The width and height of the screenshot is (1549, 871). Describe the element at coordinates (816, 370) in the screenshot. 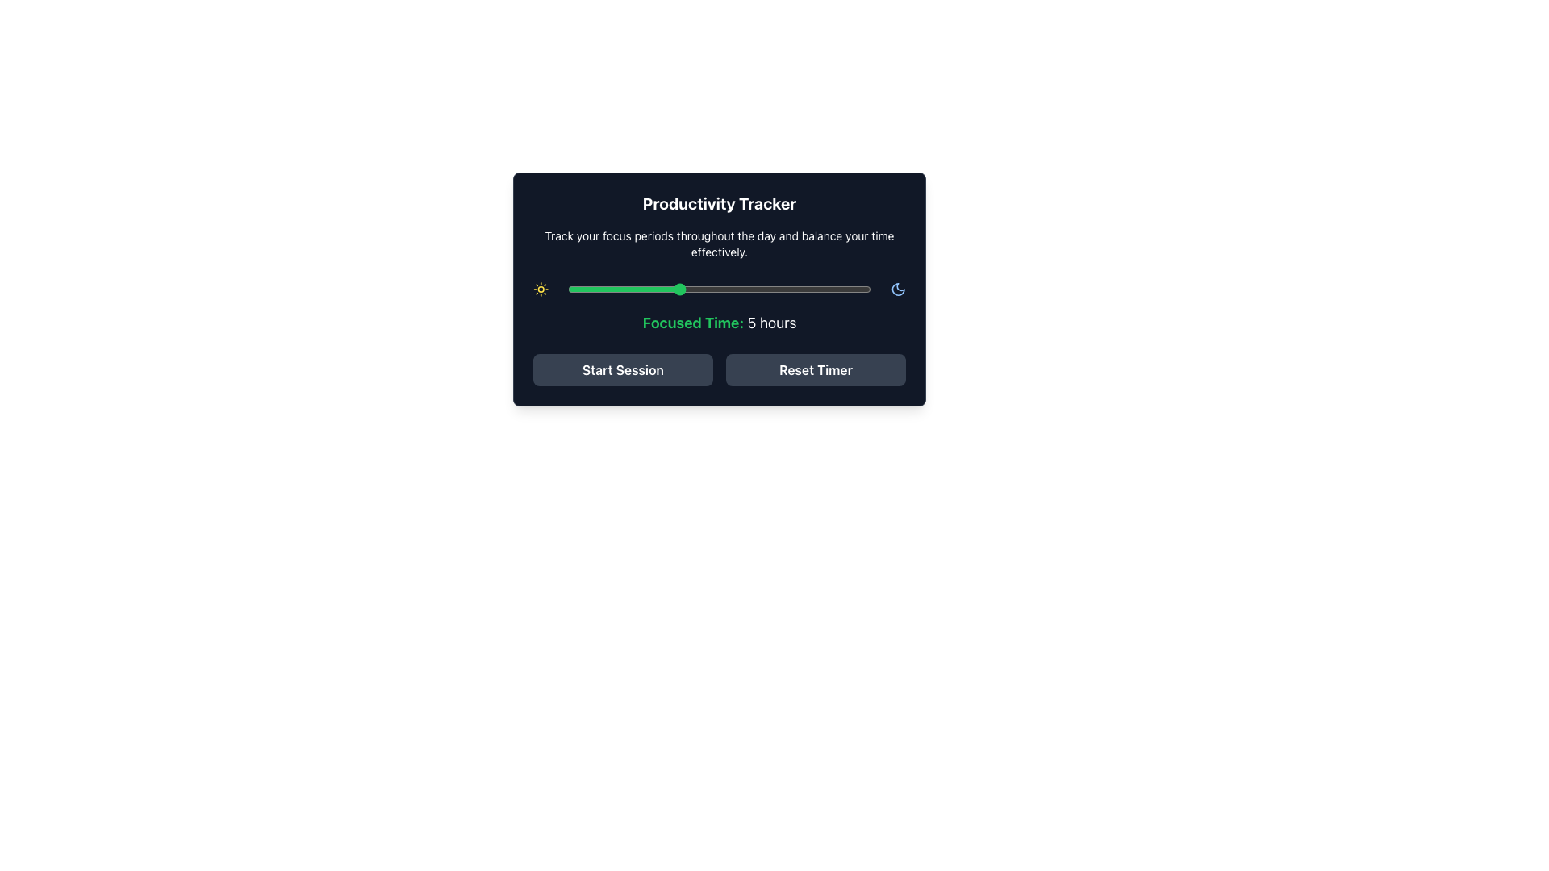

I see `the 'Reset Timer' button, which has a gray background, rounded edges, and bold white text, located in the bottom-right section of the central card to change its background color to red` at that location.